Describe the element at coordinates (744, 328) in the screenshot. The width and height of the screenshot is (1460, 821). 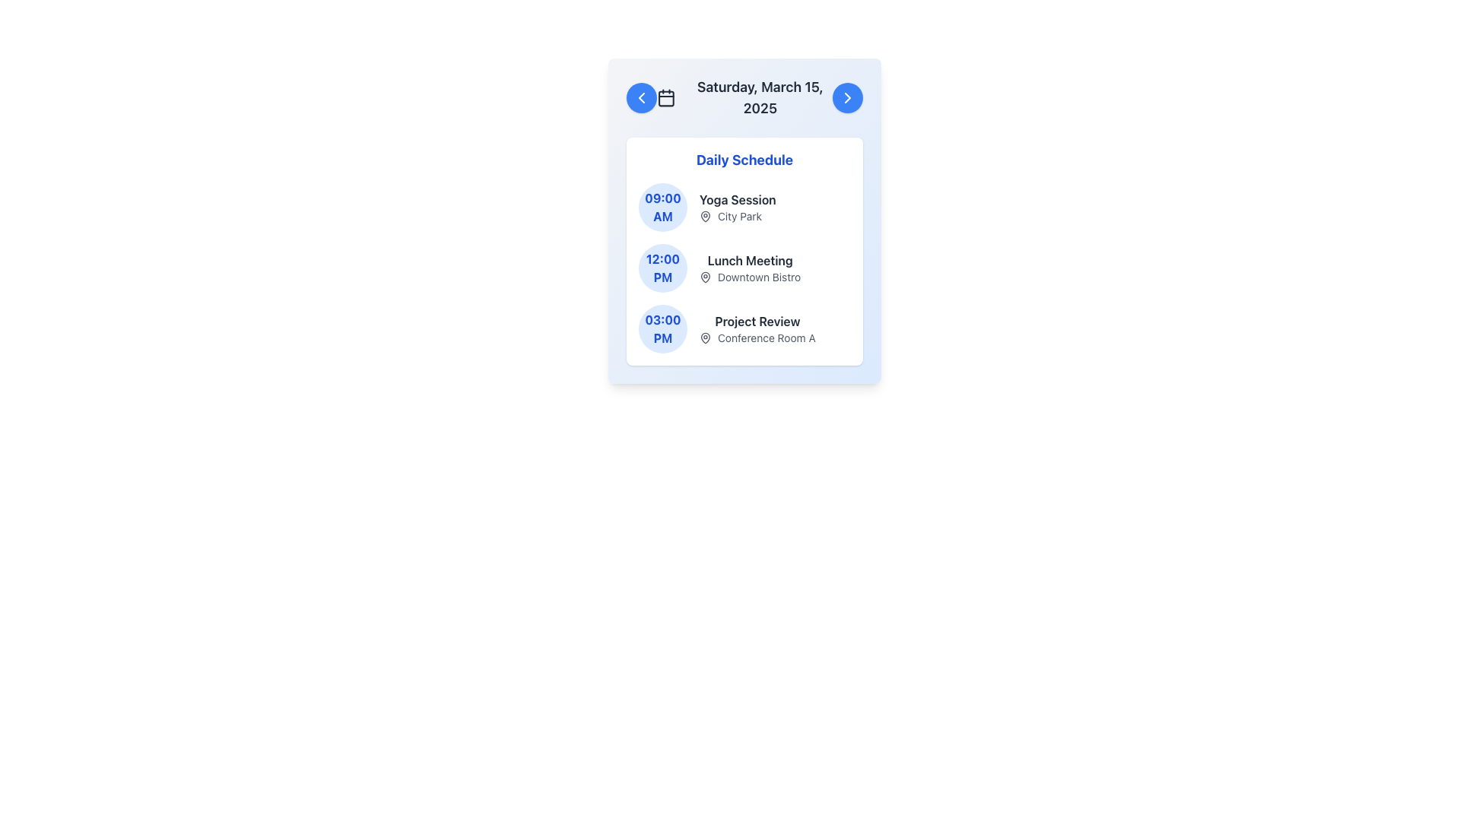
I see `the third list item in the schedule, which indicates a scheduled event` at that location.